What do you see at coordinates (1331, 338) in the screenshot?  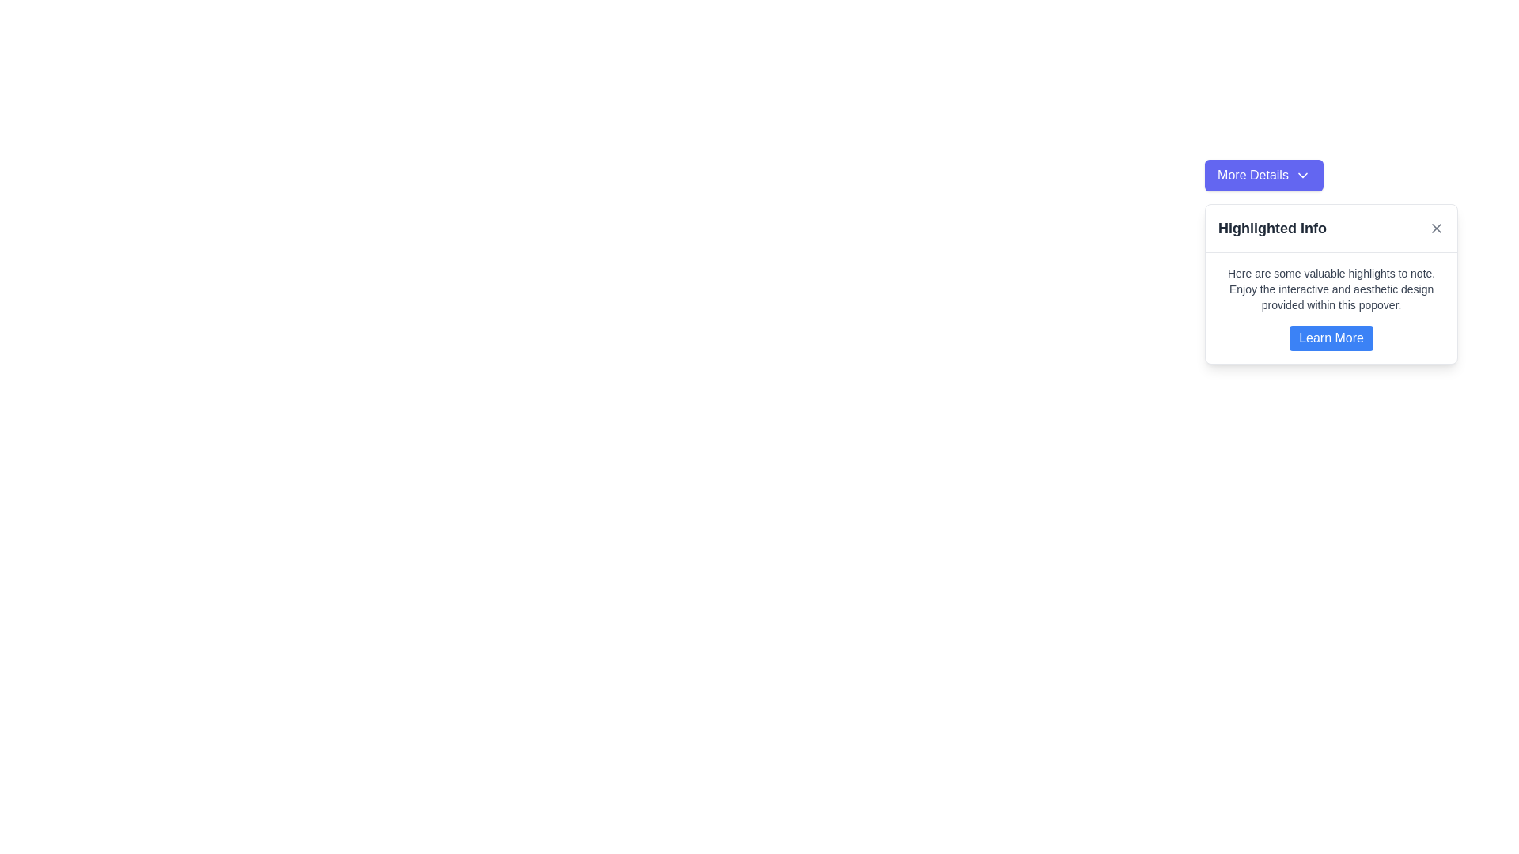 I see `the 'Learn More' button with a blue background and white text located near the bottom center of the 'Highlighted Info' popover` at bounding box center [1331, 338].